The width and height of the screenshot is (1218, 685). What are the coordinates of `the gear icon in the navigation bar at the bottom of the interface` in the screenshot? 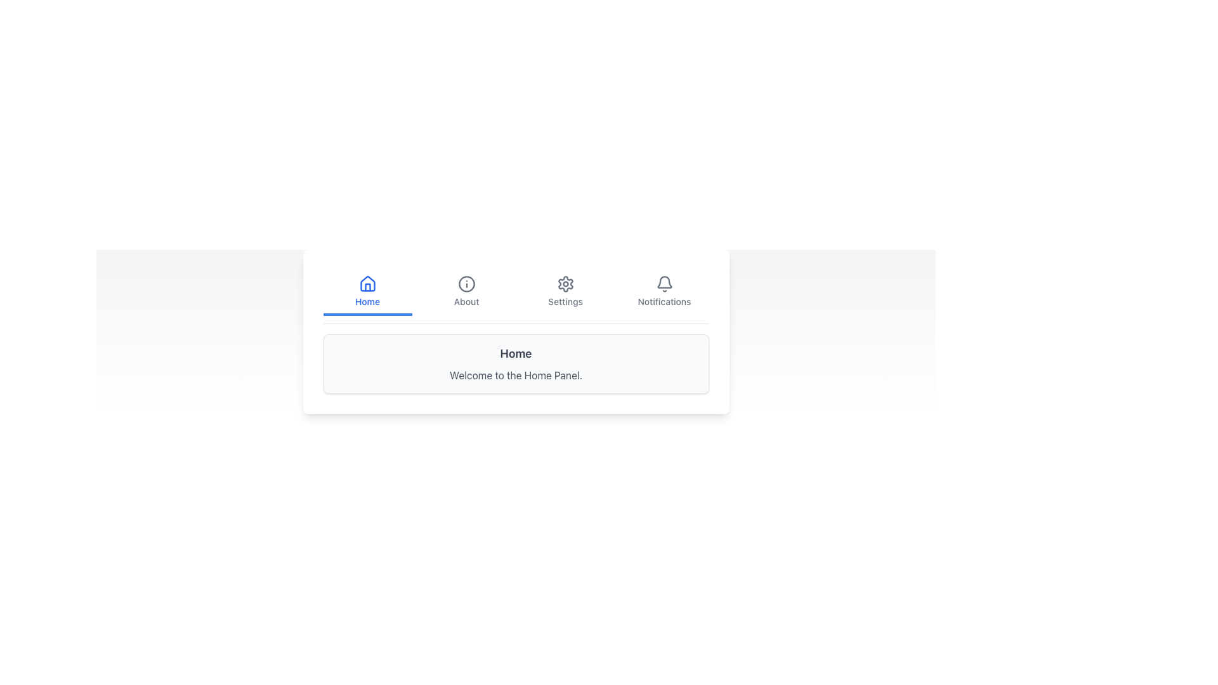 It's located at (565, 283).